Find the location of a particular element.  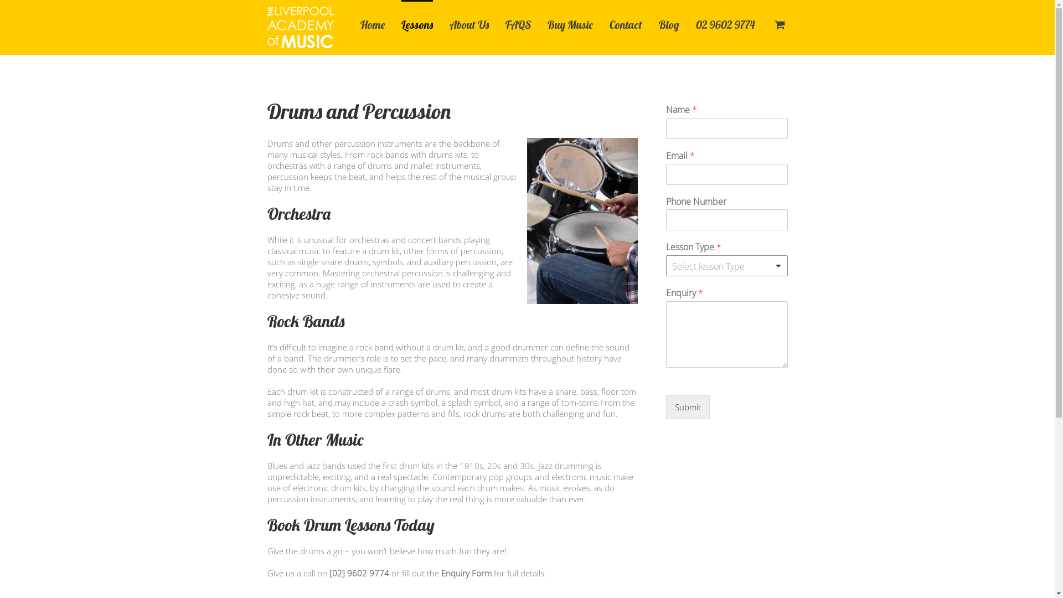

'Lessons' is located at coordinates (400, 23).